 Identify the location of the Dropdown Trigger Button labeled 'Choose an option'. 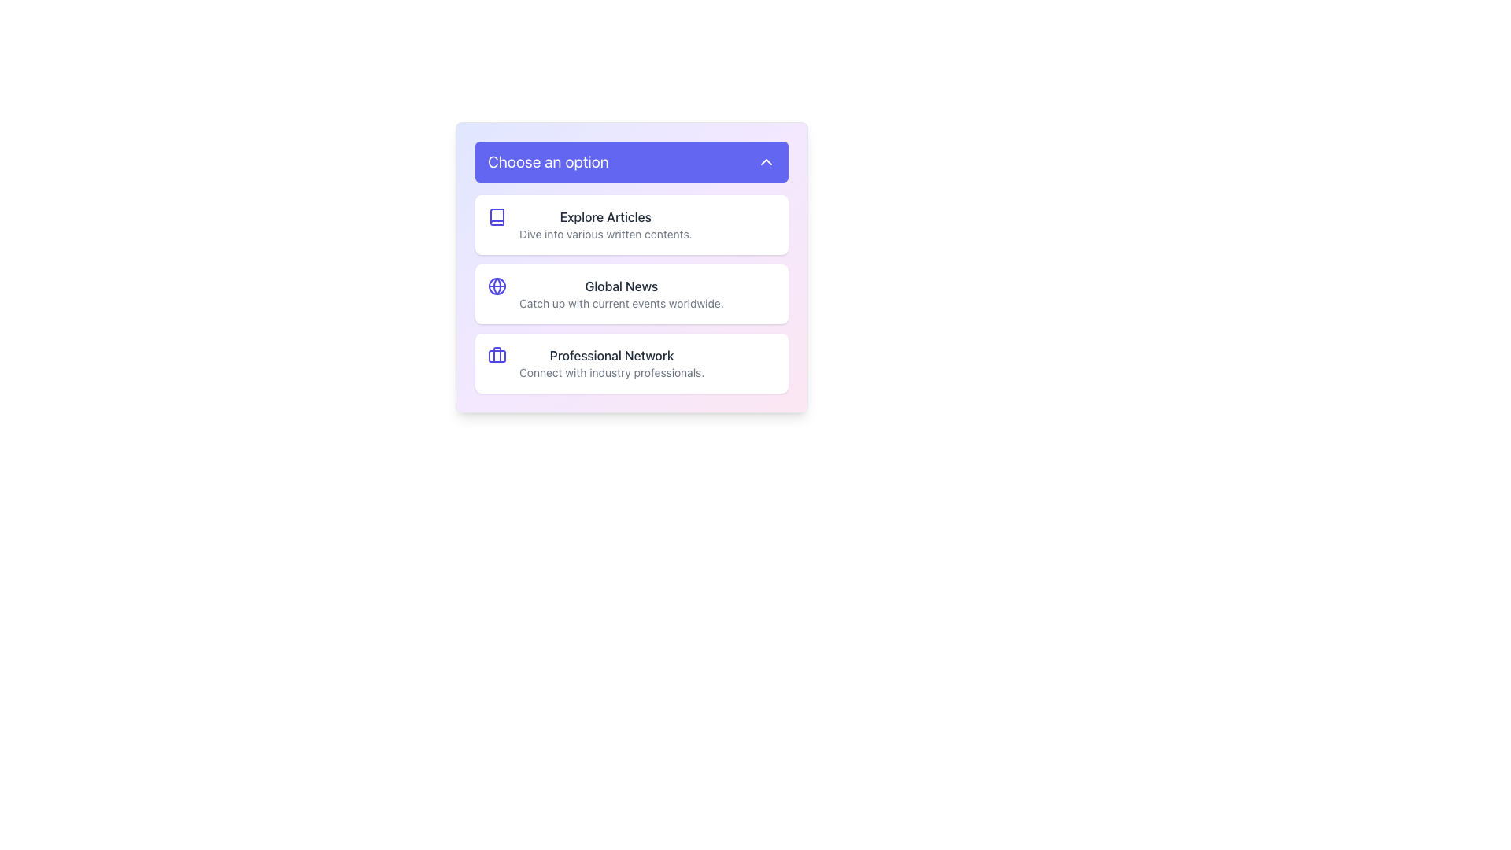
(631, 161).